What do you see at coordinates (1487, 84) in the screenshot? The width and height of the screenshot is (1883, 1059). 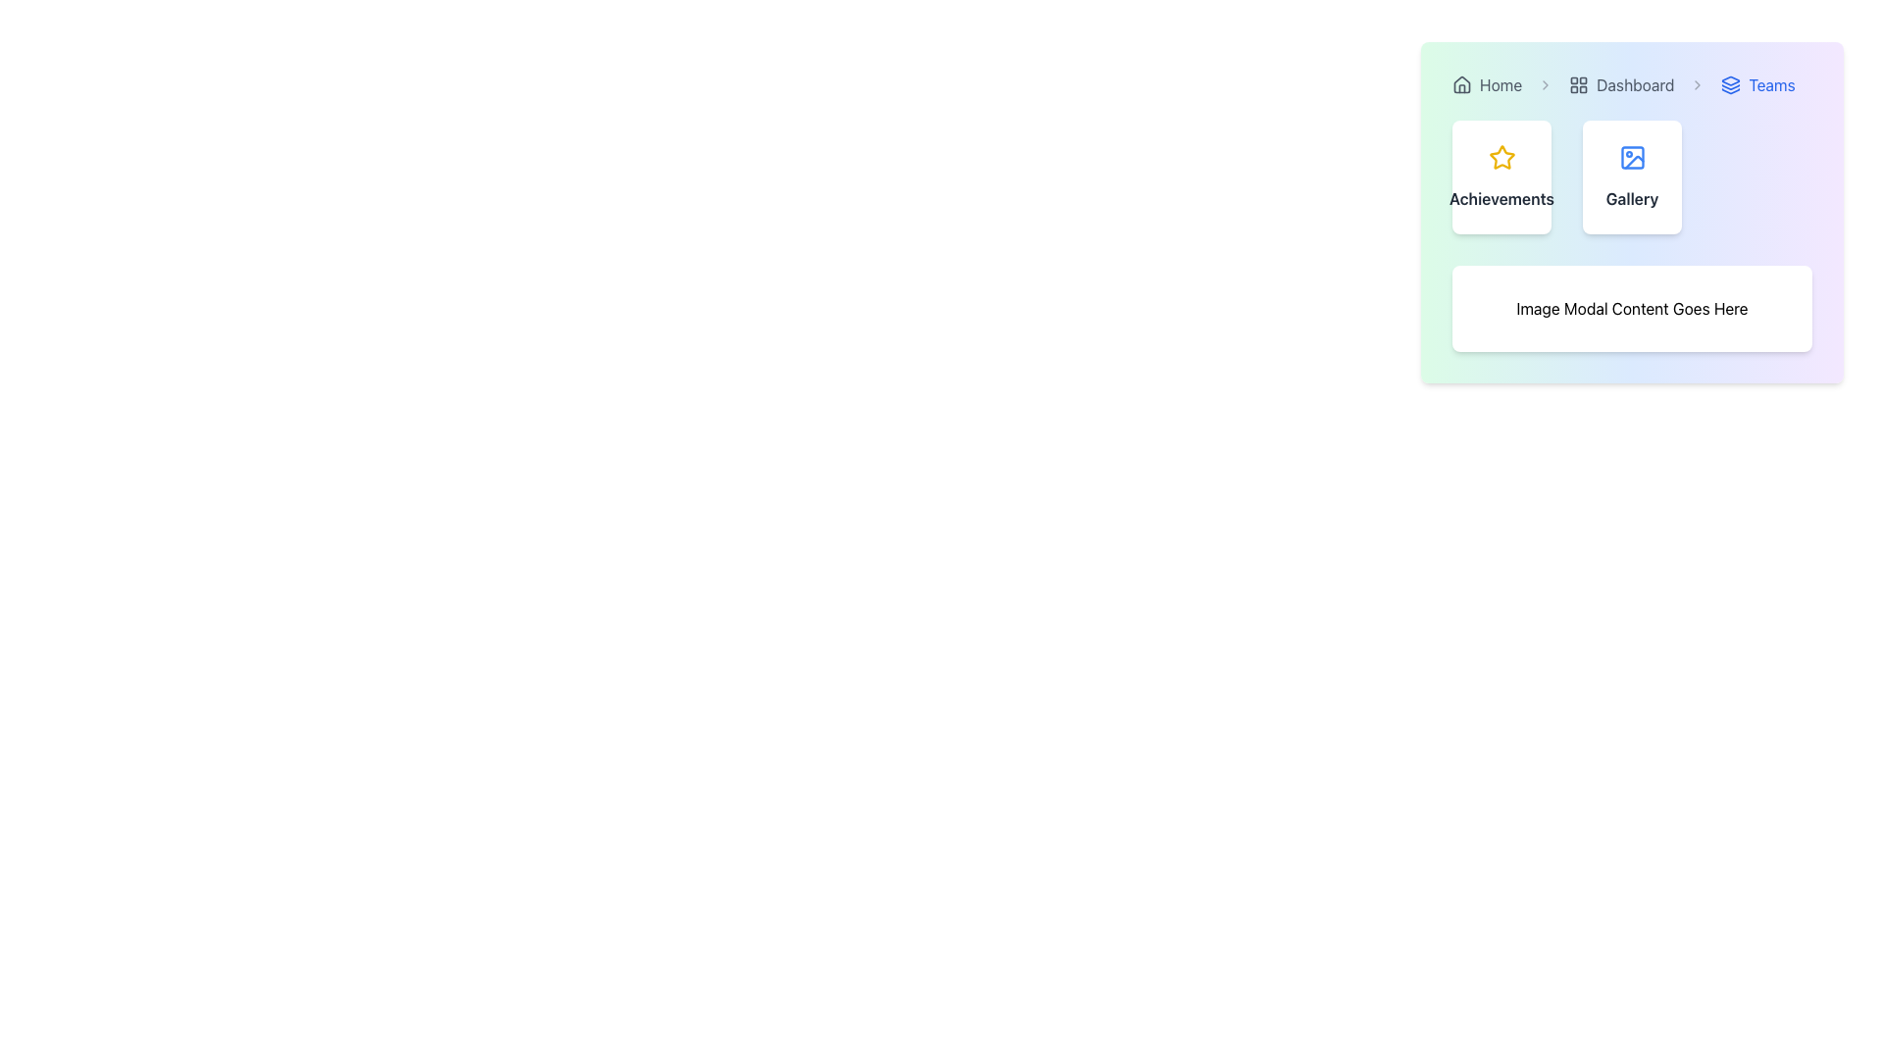 I see `the breadcrumb navigation link that serves as the initial link to the home page, located at the top-left of the content's card` at bounding box center [1487, 84].